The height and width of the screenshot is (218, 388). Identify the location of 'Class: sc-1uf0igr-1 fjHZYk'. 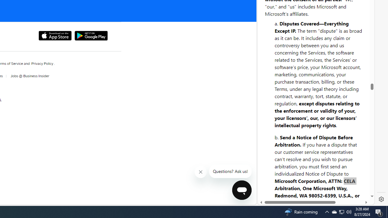
(201, 172).